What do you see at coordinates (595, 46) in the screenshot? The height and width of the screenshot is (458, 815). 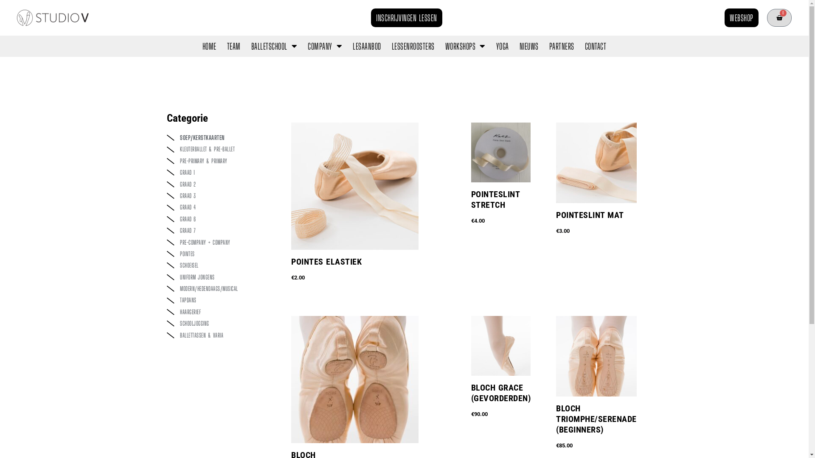 I see `'CONTACT'` at bounding box center [595, 46].